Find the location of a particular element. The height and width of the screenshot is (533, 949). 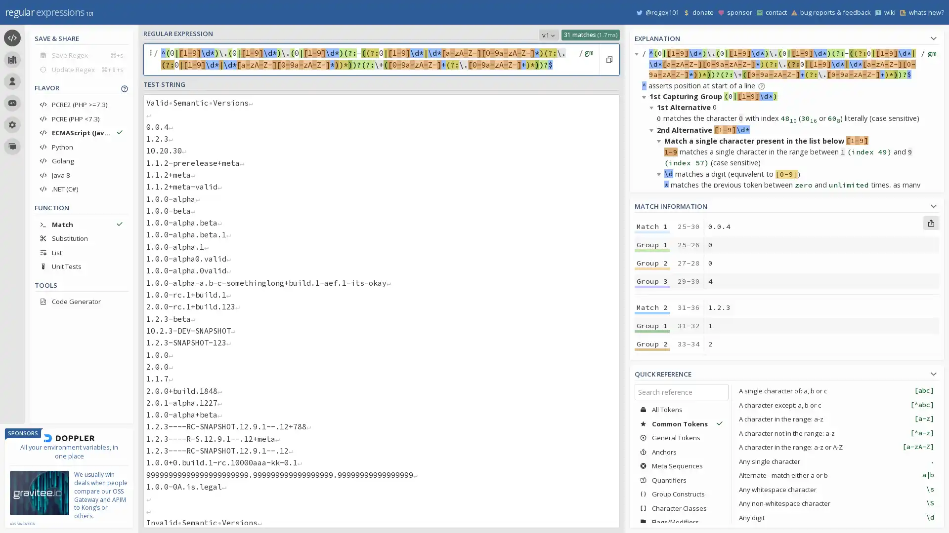

A character in the range: a-z [a-z] is located at coordinates (836, 419).